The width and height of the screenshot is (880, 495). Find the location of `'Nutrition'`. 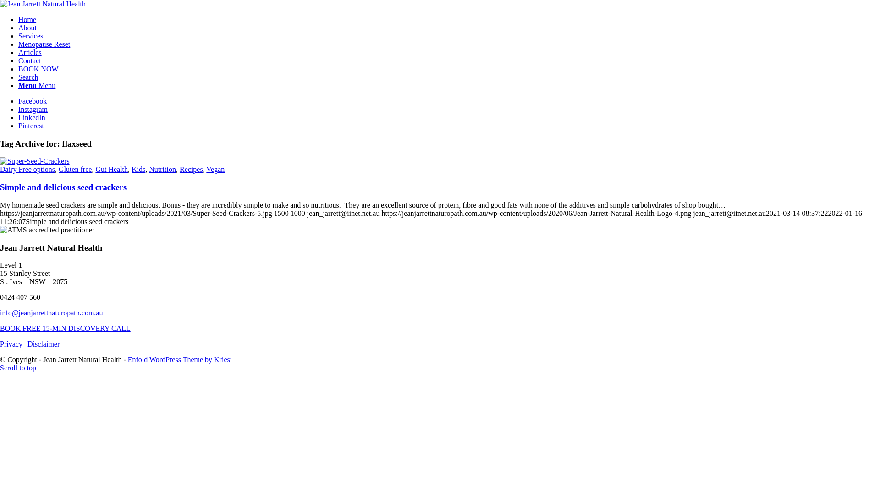

'Nutrition' is located at coordinates (149, 169).